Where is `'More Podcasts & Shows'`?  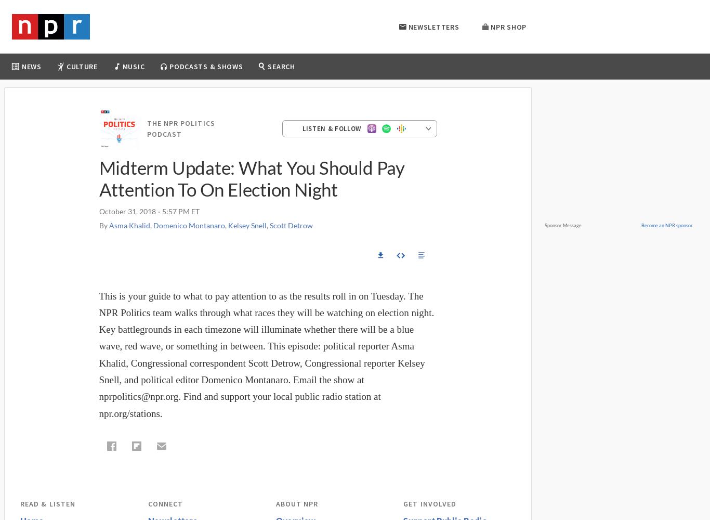 'More Podcasts & Shows' is located at coordinates (337, 220).